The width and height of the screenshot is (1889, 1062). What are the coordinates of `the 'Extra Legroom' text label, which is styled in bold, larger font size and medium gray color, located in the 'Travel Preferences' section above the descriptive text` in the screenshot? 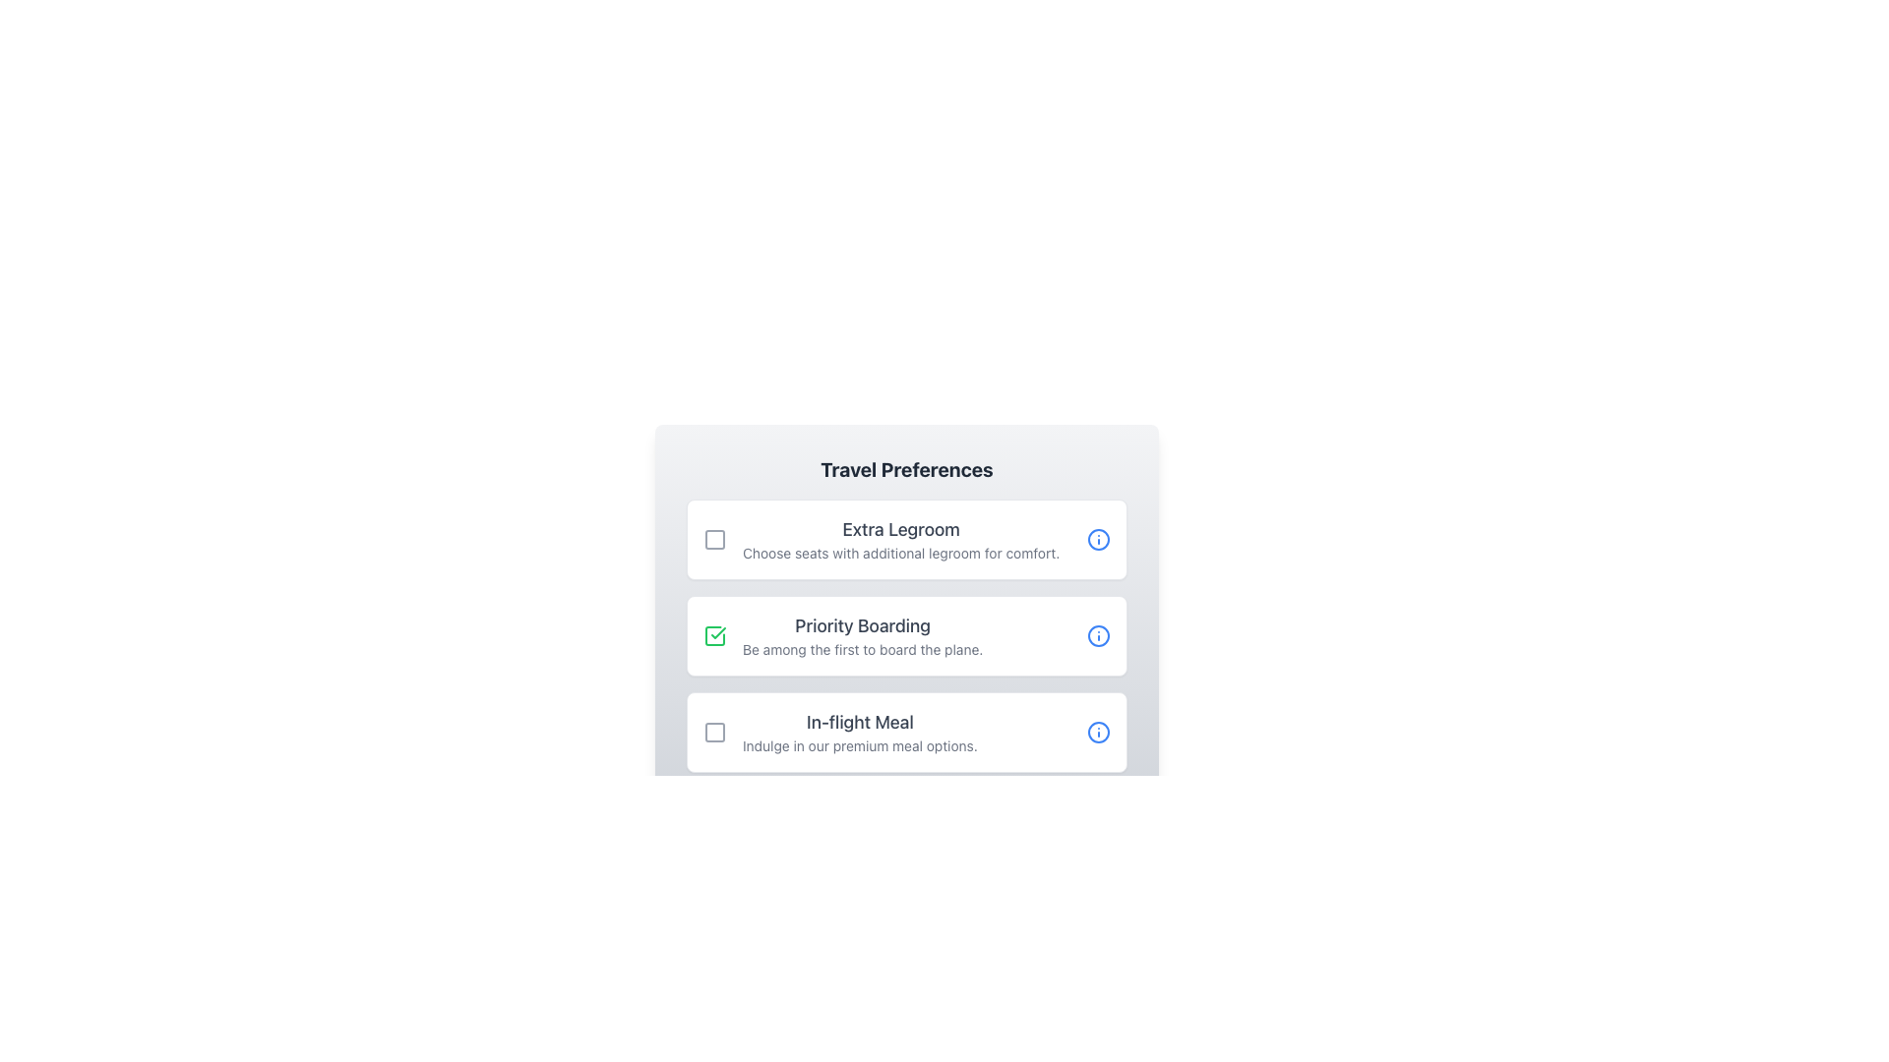 It's located at (900, 529).